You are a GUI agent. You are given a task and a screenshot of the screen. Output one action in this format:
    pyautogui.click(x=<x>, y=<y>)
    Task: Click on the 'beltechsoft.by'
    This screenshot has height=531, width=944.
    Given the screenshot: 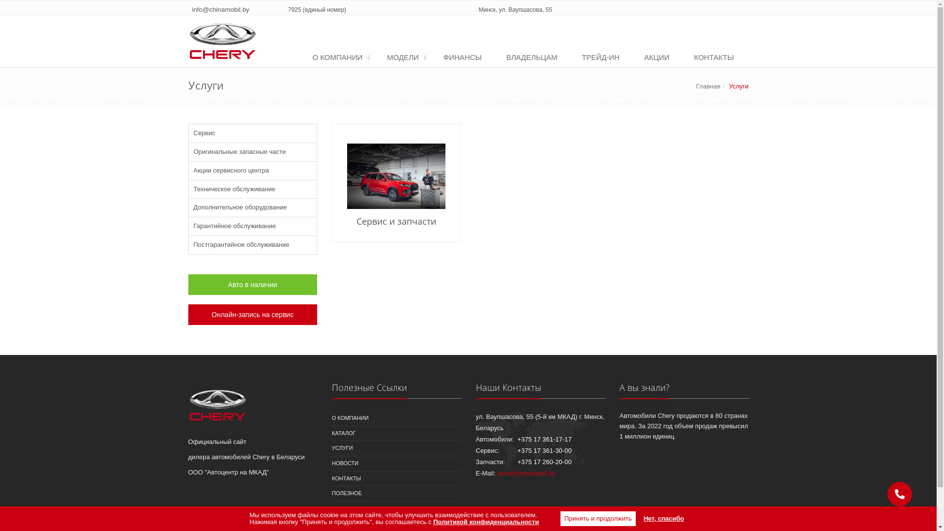 What is the action you would take?
    pyautogui.click(x=712, y=513)
    